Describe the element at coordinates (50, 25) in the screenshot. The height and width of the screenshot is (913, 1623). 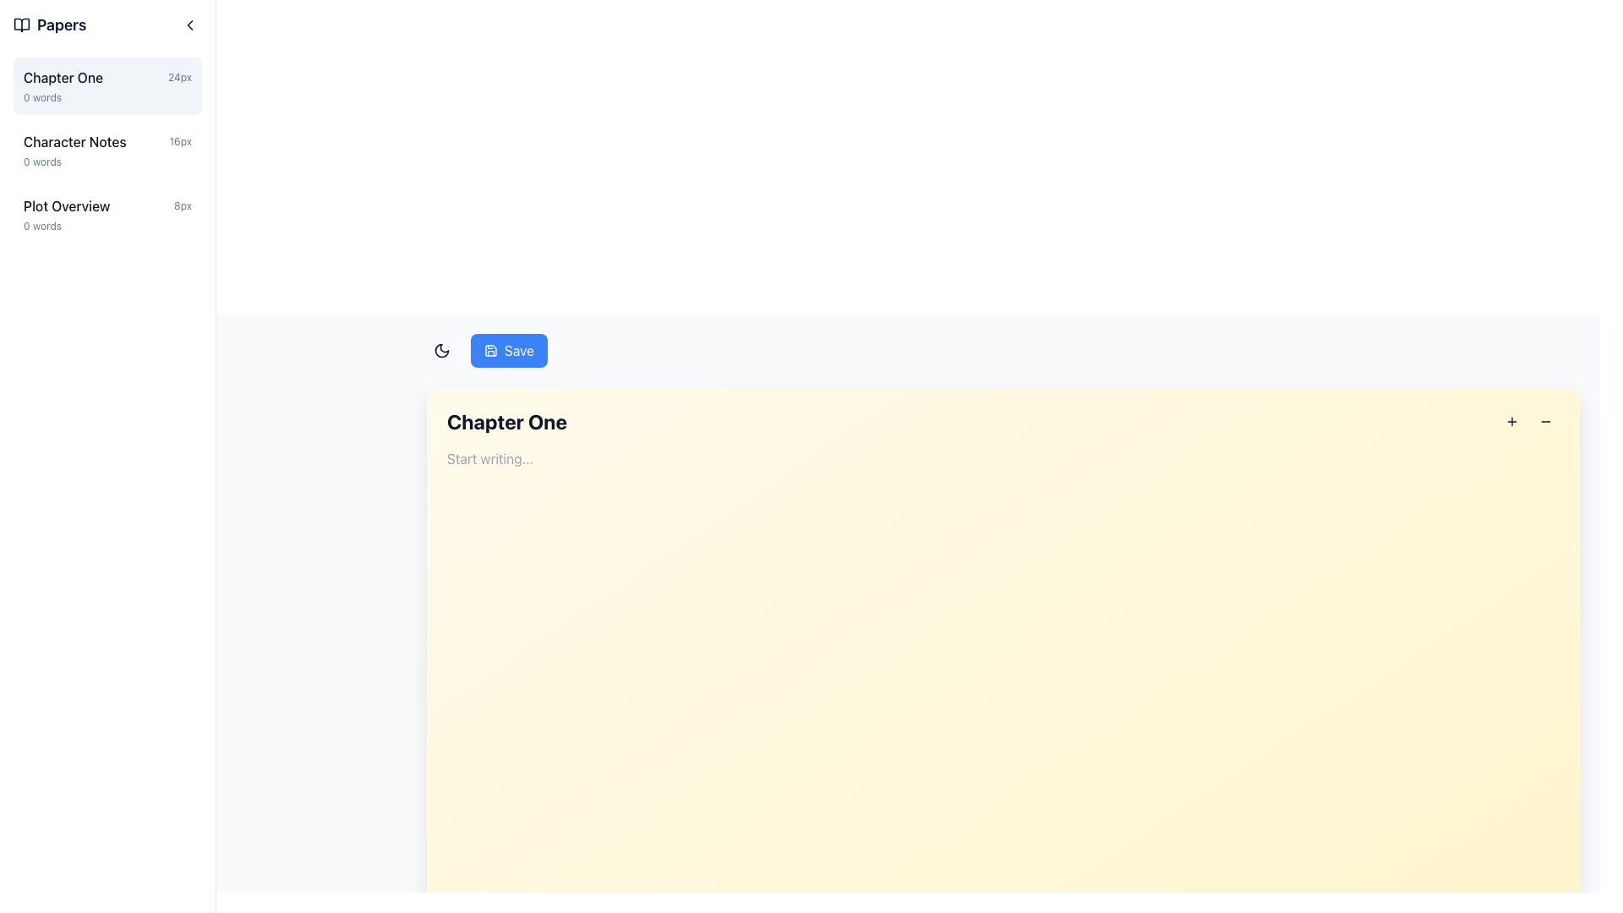
I see `text label located in the top-left section of the sidebar, which serves as a header or title for the content below` at that location.